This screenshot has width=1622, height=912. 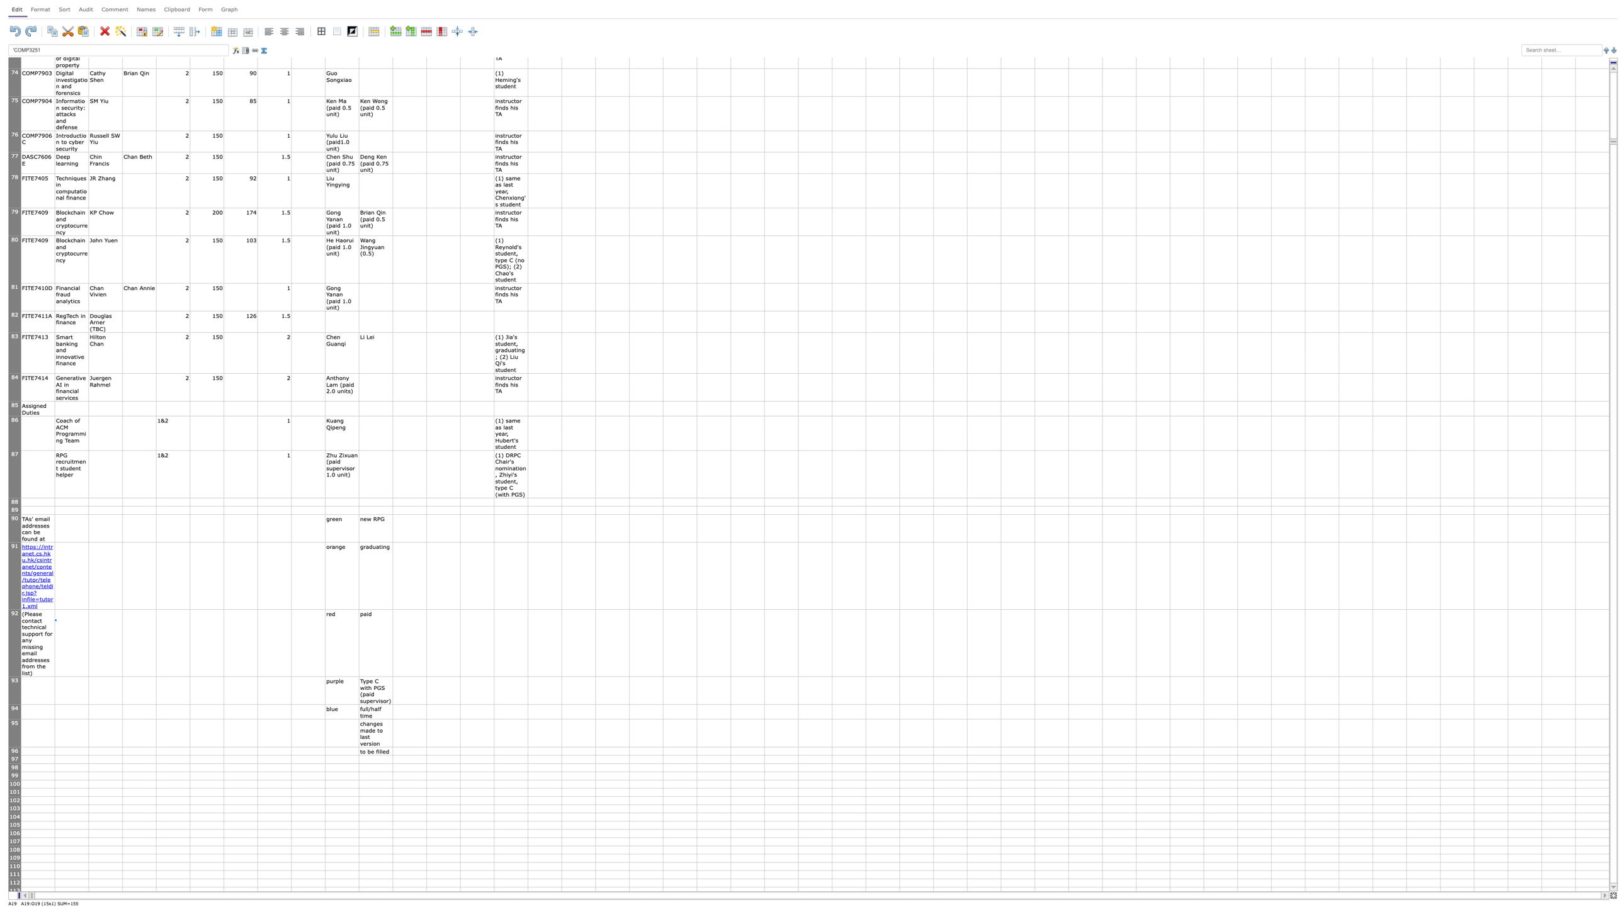 I want to click on the resize handle of row 93, so click(x=14, y=704).